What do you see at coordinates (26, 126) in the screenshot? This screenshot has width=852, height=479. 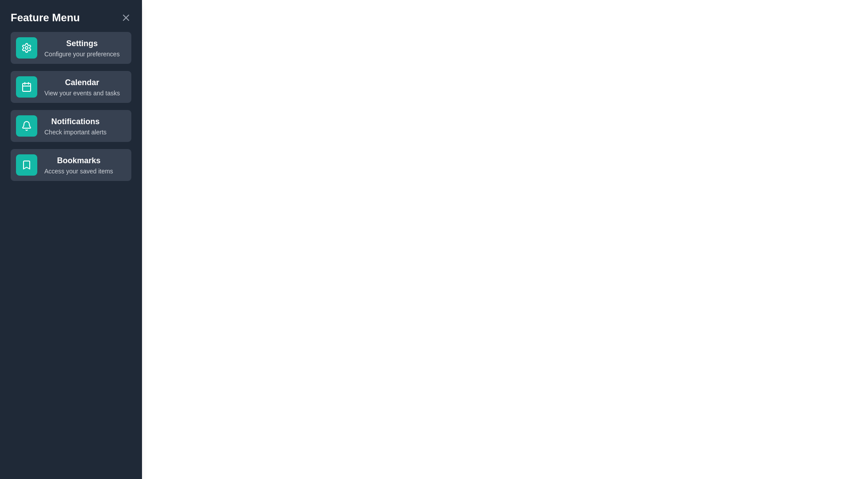 I see `the icon associated with the feature Notifications` at bounding box center [26, 126].